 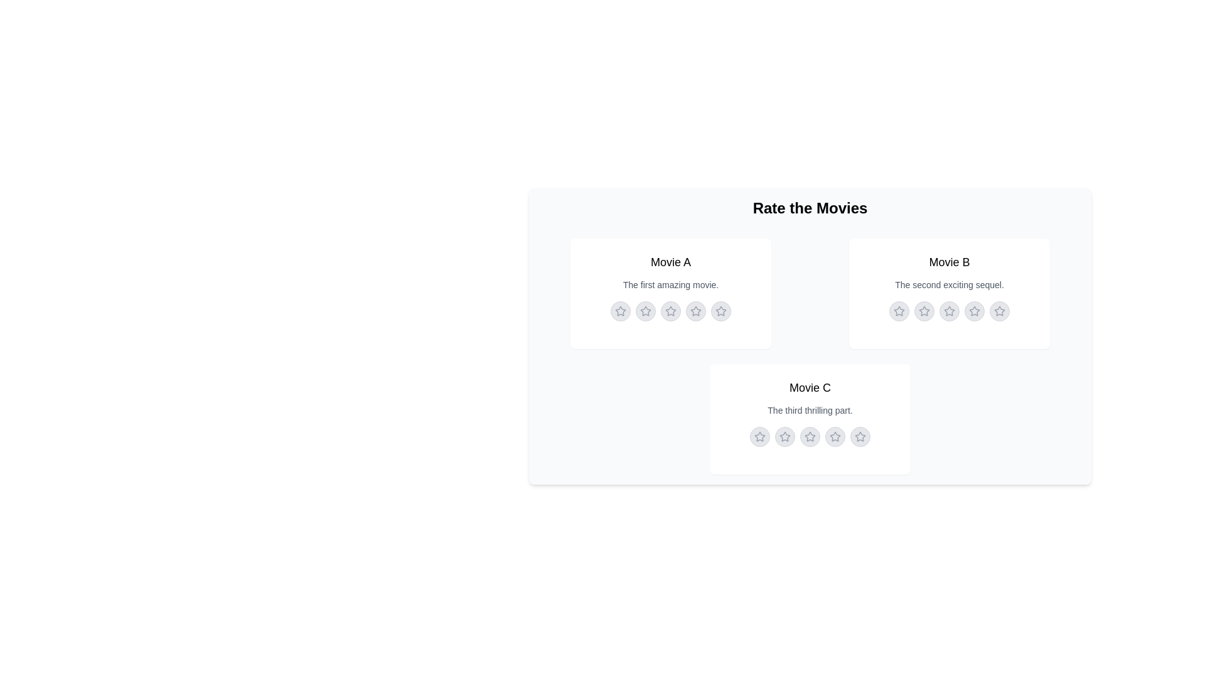 What do you see at coordinates (924, 310) in the screenshot?
I see `the second star in the rating row` at bounding box center [924, 310].